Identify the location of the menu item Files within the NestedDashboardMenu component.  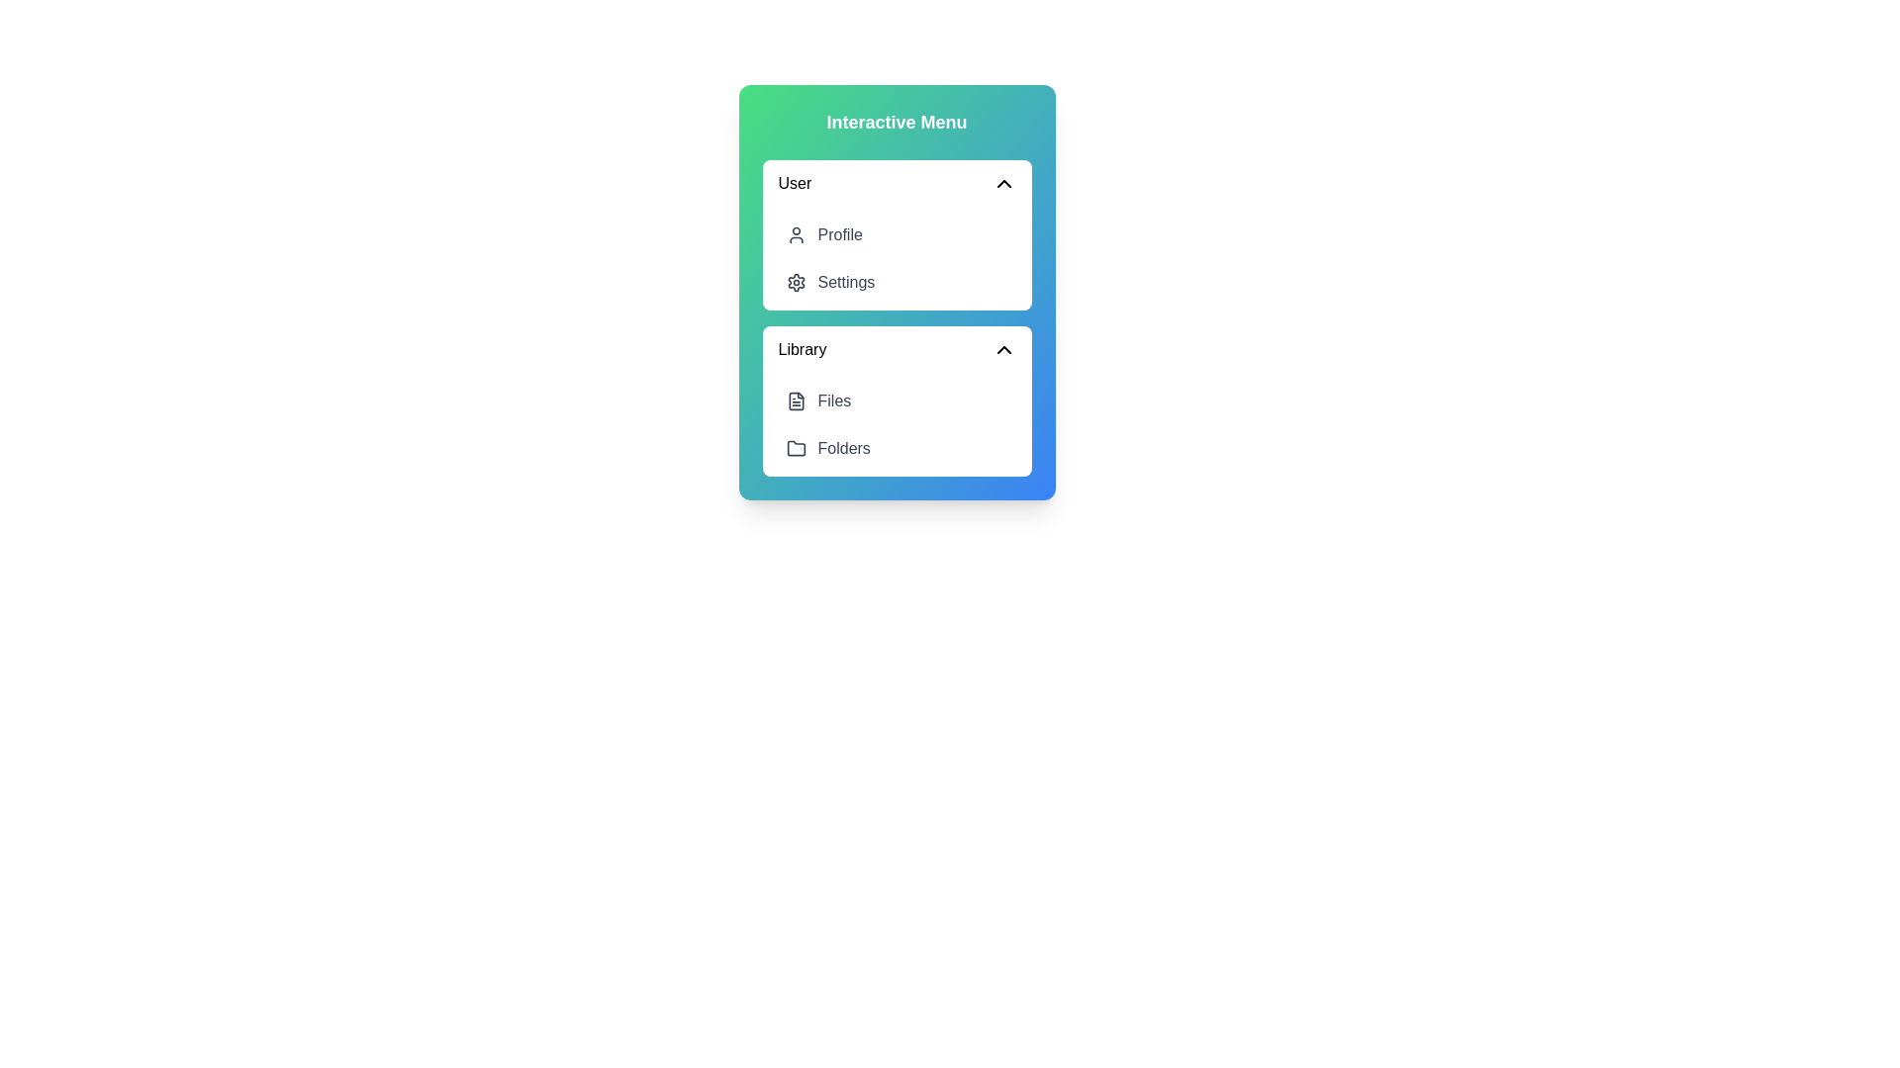
(896, 400).